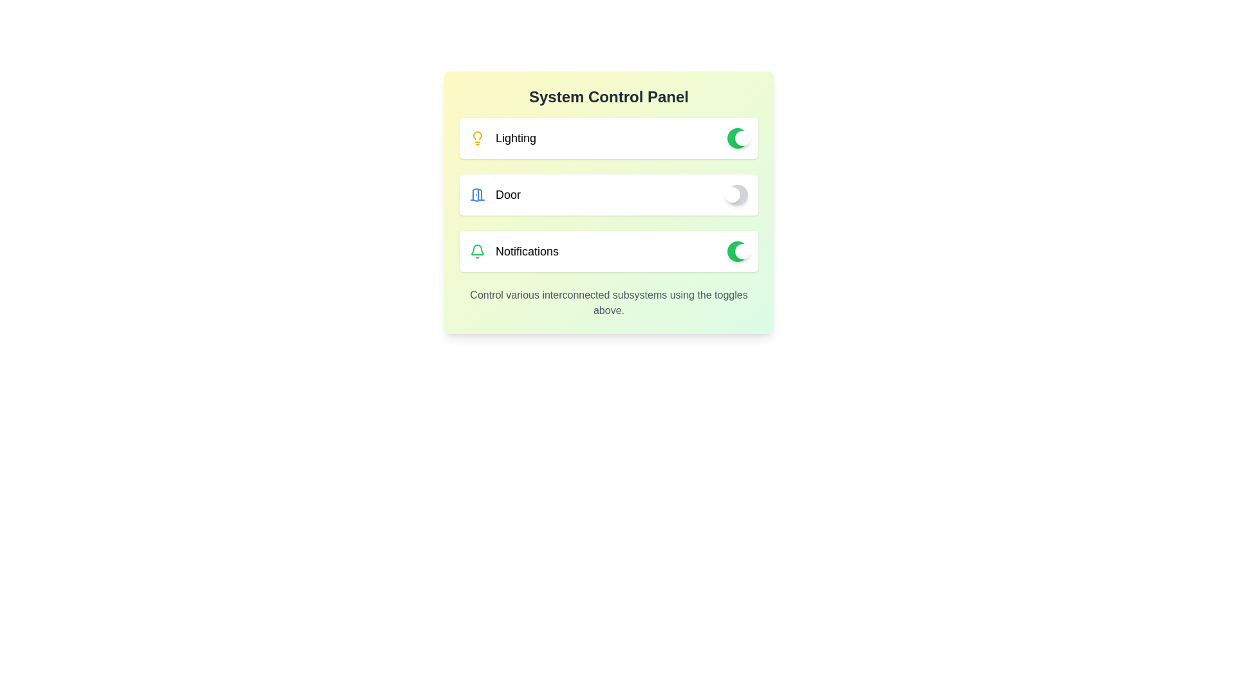 Image resolution: width=1236 pixels, height=695 pixels. I want to click on the notifications toggle to switch it off, so click(738, 251).